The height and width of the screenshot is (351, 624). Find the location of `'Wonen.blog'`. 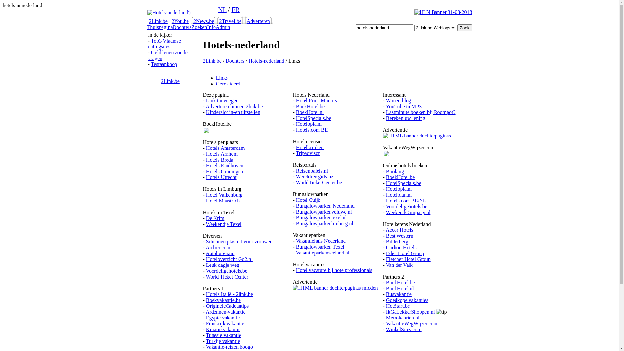

'Wonen.blog' is located at coordinates (386, 100).